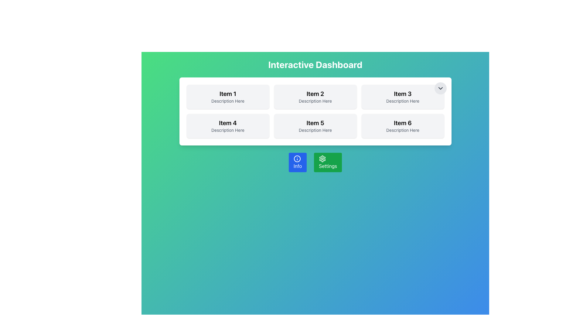 The image size is (583, 328). I want to click on the informational Text label located below the 'Item 3' header in the top-right card of the grid layout, so click(403, 101).